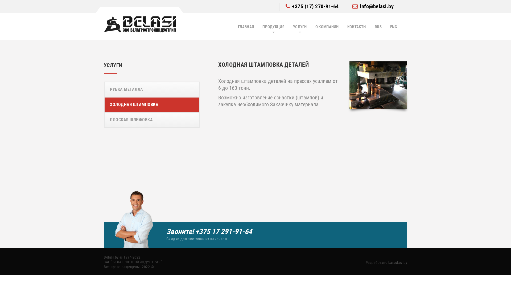  What do you see at coordinates (390, 27) in the screenshot?
I see `'ENG'` at bounding box center [390, 27].